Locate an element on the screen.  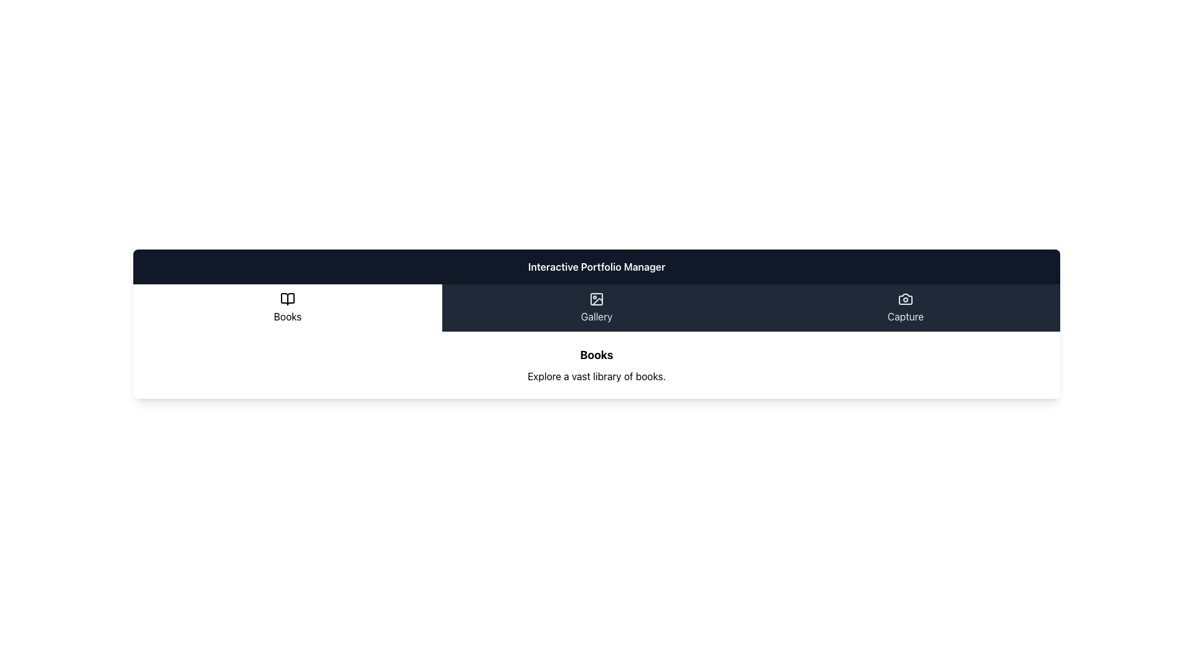
the Text Label that serves as the header or title for the section, positioned above the options (Books, Gallery, Capture) is located at coordinates (596, 266).